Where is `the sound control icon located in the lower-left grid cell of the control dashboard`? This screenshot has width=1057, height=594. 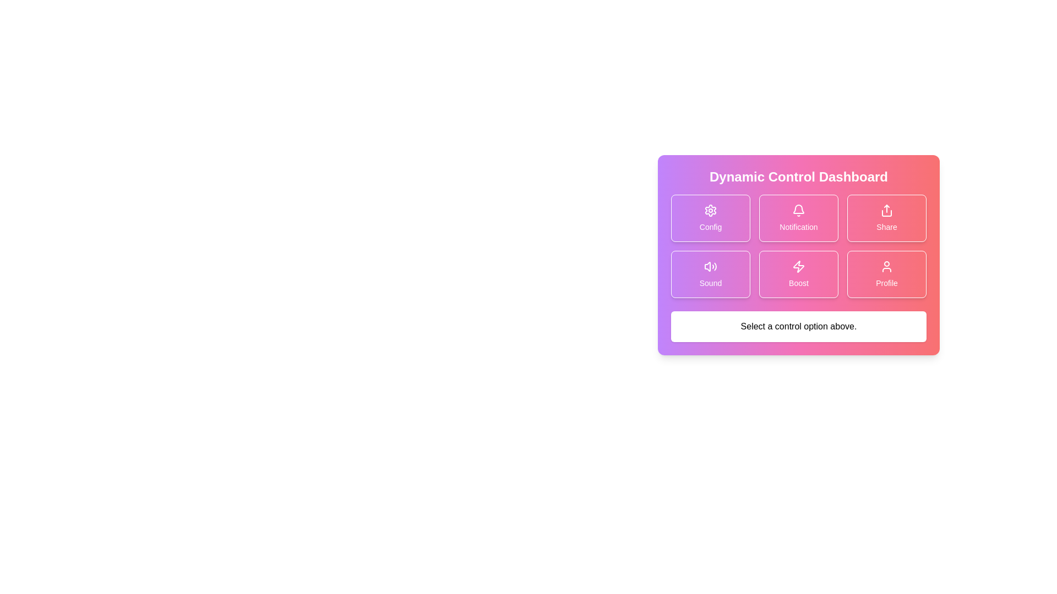
the sound control icon located in the lower-left grid cell of the control dashboard is located at coordinates (707, 267).